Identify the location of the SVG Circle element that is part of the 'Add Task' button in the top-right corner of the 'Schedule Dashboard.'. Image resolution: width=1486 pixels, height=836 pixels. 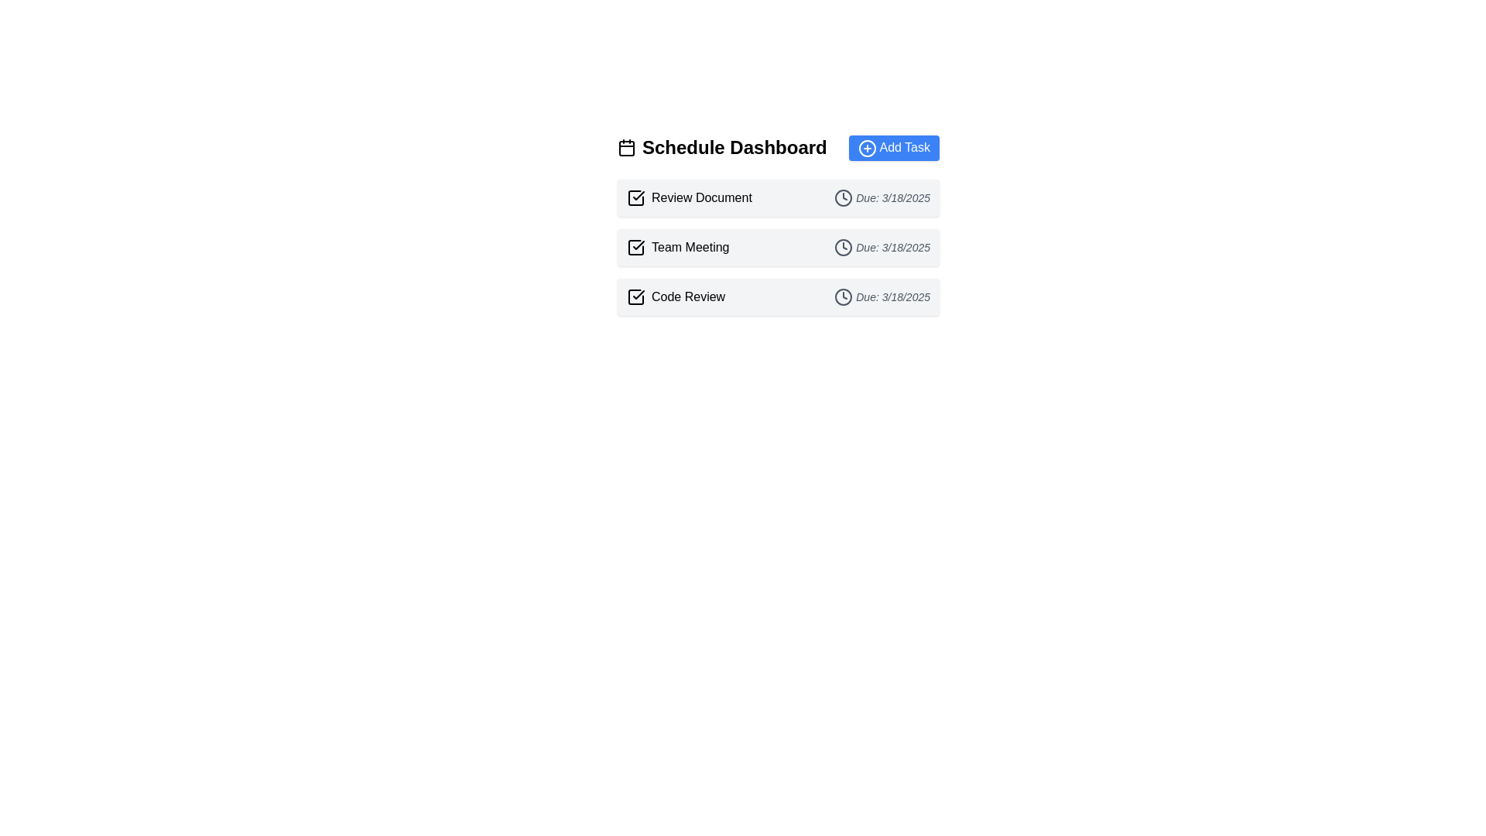
(867, 148).